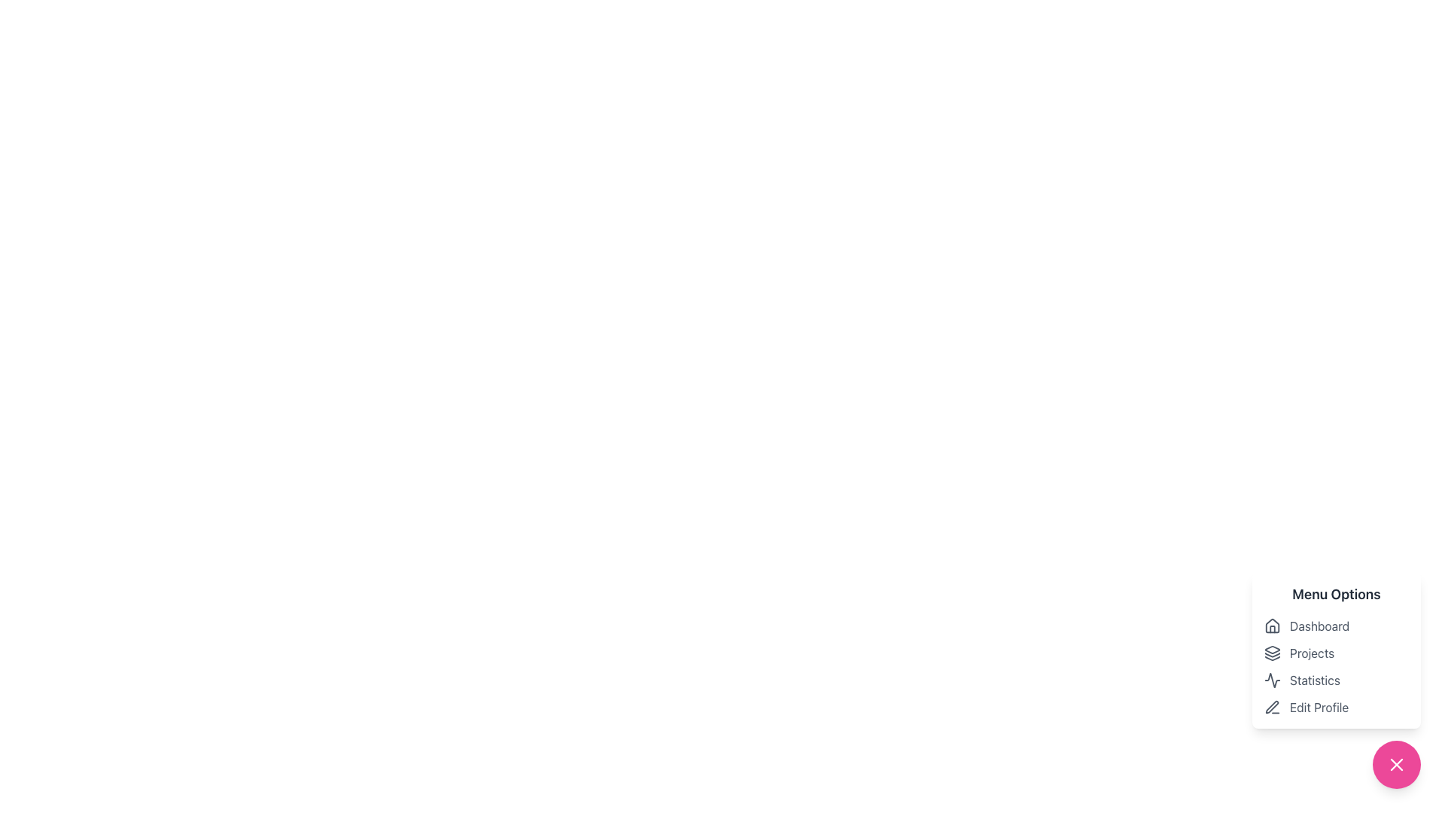 The image size is (1445, 813). What do you see at coordinates (1314, 680) in the screenshot?
I see `text content of the label displaying 'Statistics', which is styled in gray and positioned to the right of a waveform icon within the 'Menu Options'` at bounding box center [1314, 680].